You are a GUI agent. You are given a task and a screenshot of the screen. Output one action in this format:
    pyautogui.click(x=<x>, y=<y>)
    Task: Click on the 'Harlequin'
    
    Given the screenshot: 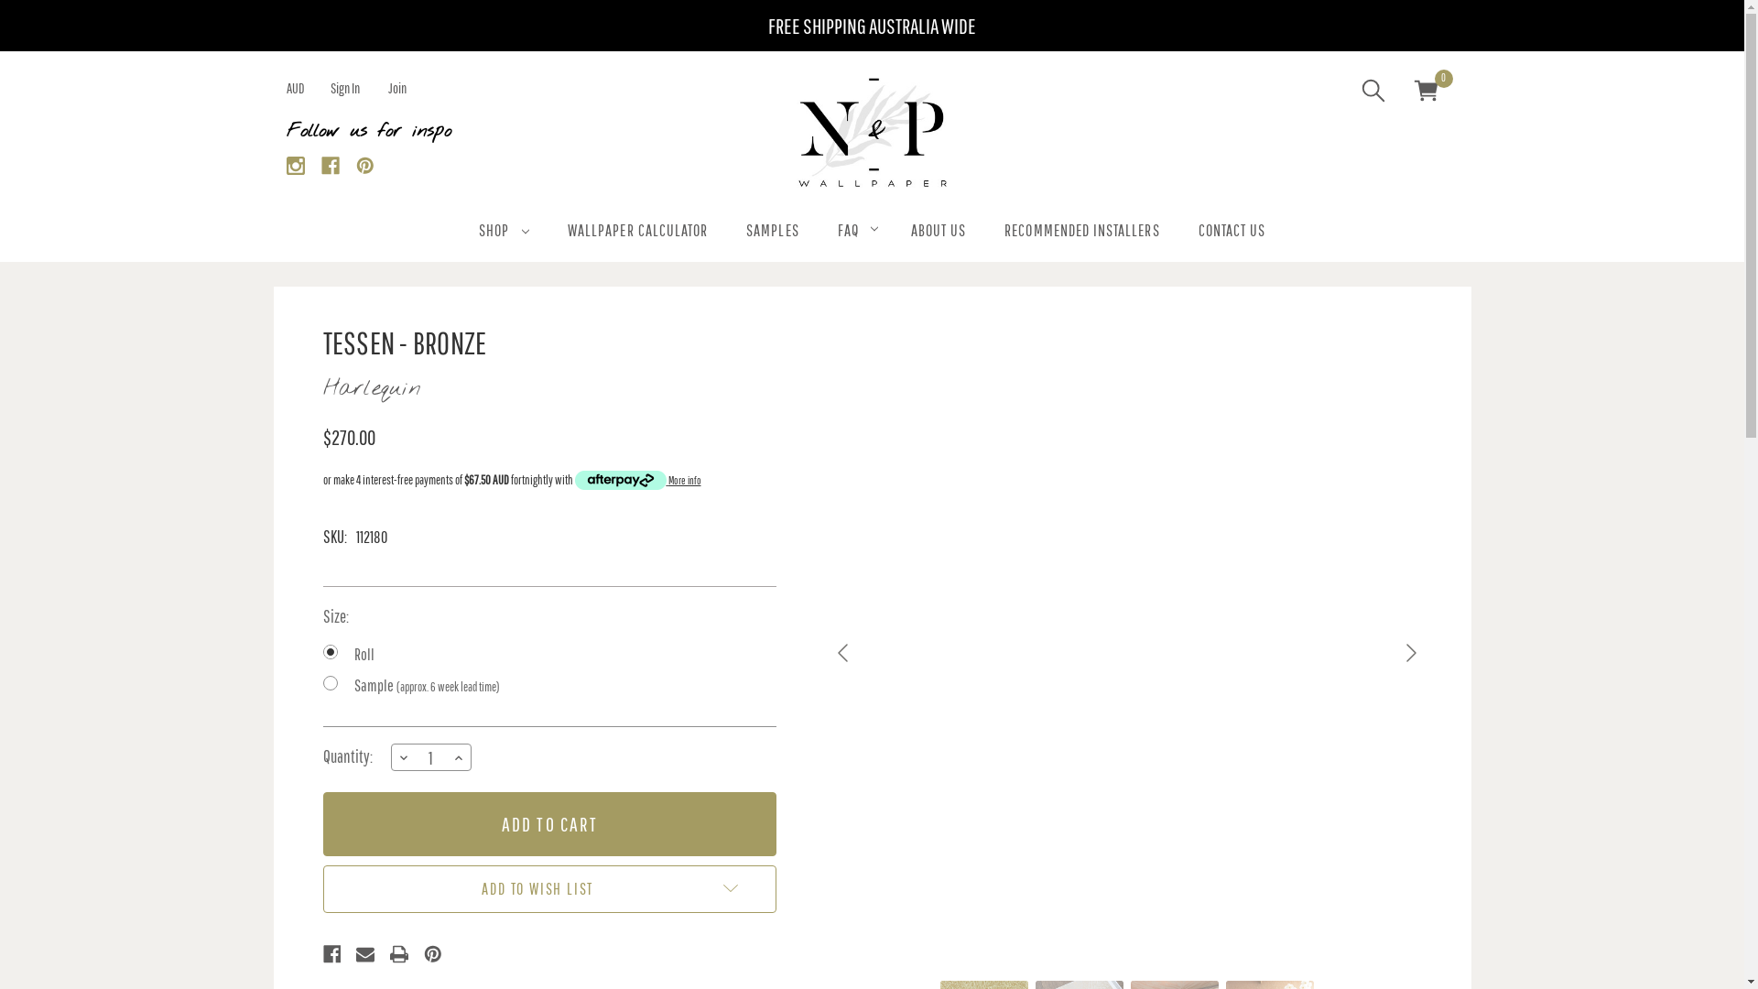 What is the action you would take?
    pyautogui.click(x=370, y=387)
    